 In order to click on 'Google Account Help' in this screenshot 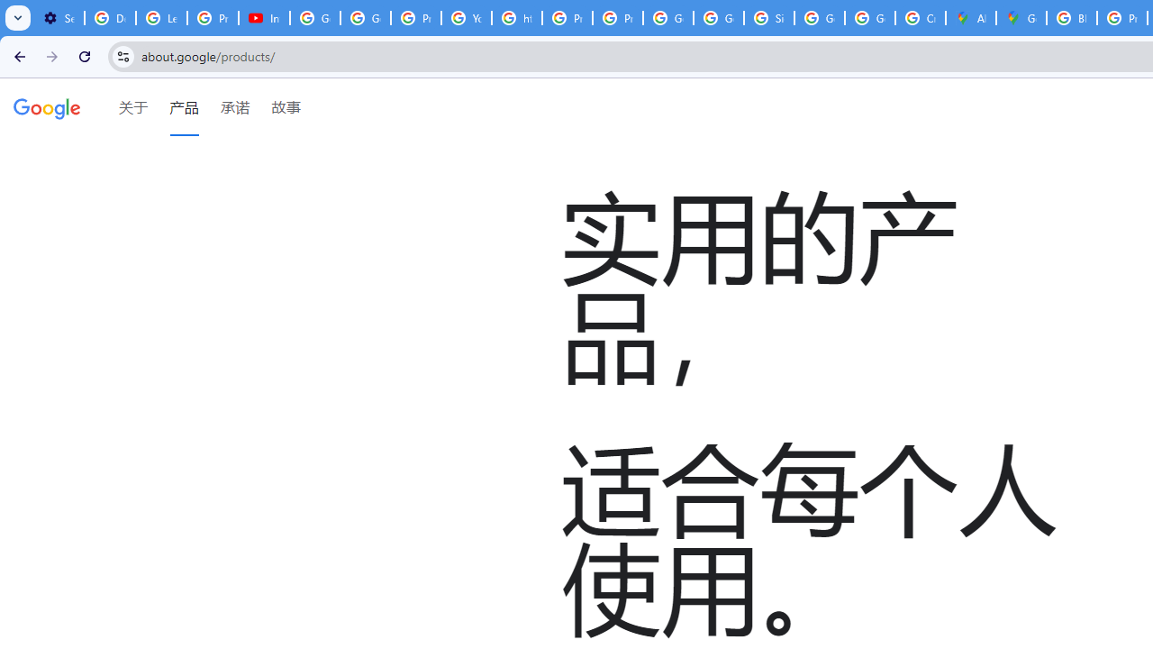, I will do `click(315, 18)`.